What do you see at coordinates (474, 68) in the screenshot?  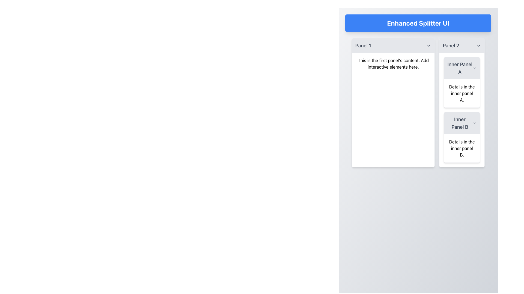 I see `the SVG Icon located in the right portion of 'Inner Panel A' in 'Panel 2'` at bounding box center [474, 68].